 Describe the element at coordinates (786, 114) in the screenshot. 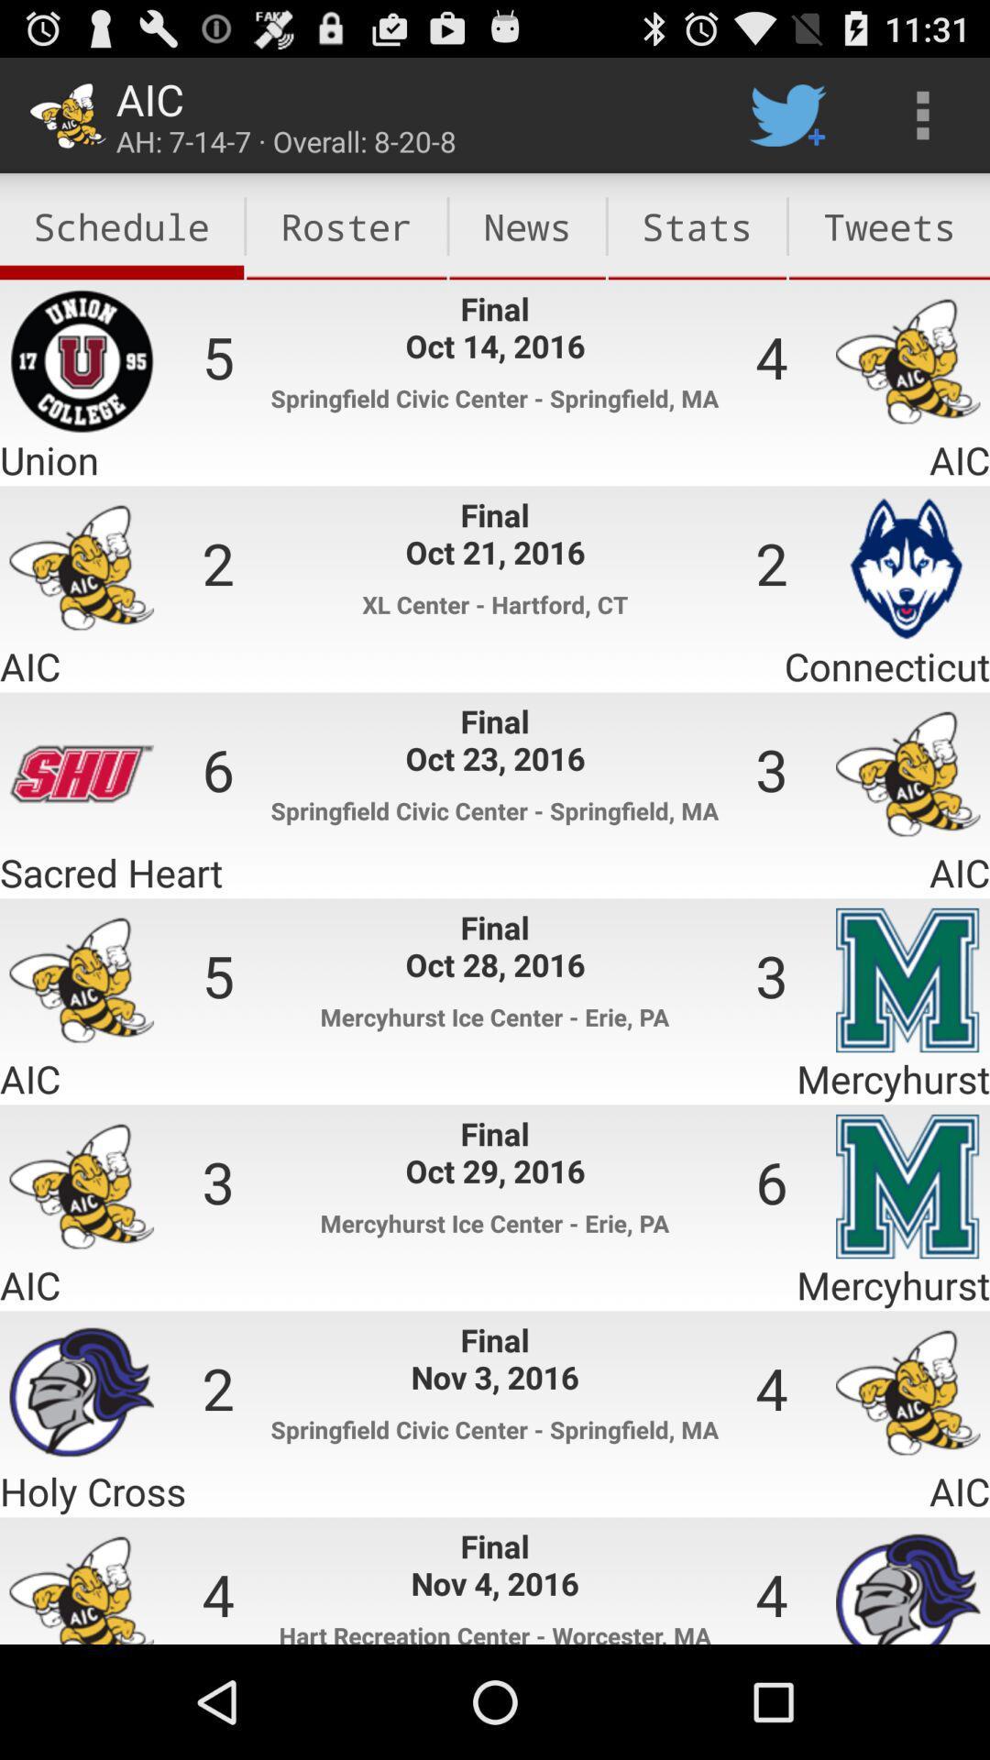

I see `item above the stats item` at that location.